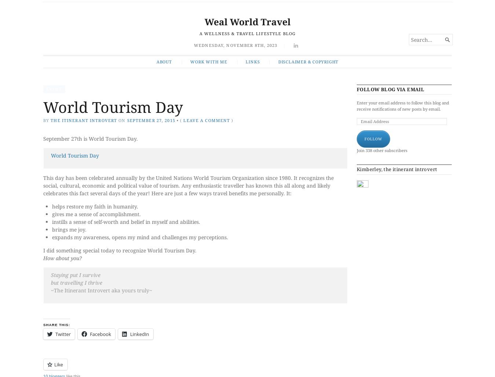  Describe the element at coordinates (403, 105) in the screenshot. I see `'Enter your email address to follow this blog and receive notifications of new posts by email.'` at that location.